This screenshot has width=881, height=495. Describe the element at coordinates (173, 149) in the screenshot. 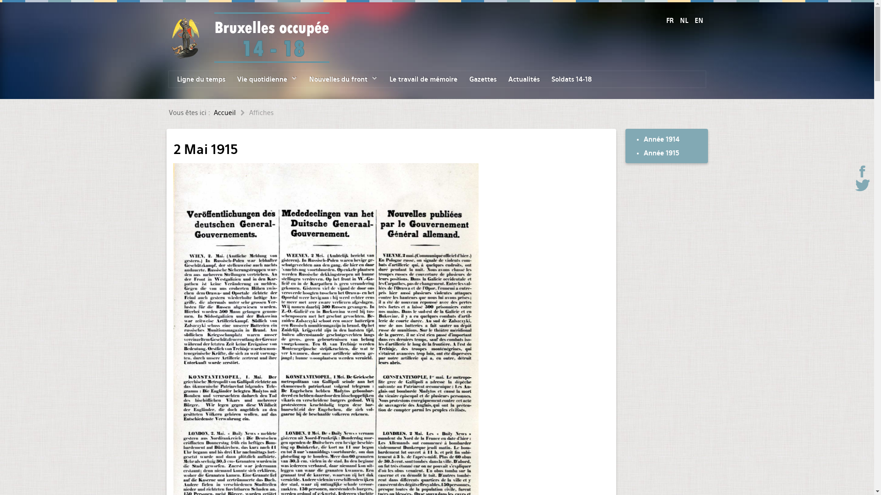

I see `'2 Mai 1915'` at that location.